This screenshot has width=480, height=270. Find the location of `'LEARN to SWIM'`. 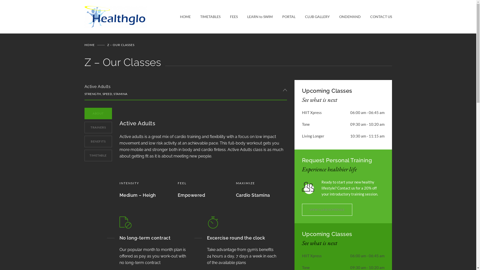

'LEARN to SWIM' is located at coordinates (255, 16).